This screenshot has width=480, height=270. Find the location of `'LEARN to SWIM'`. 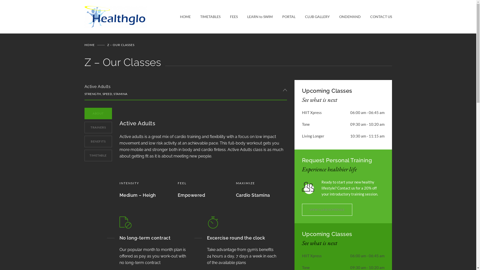

'LEARN to SWIM' is located at coordinates (255, 16).